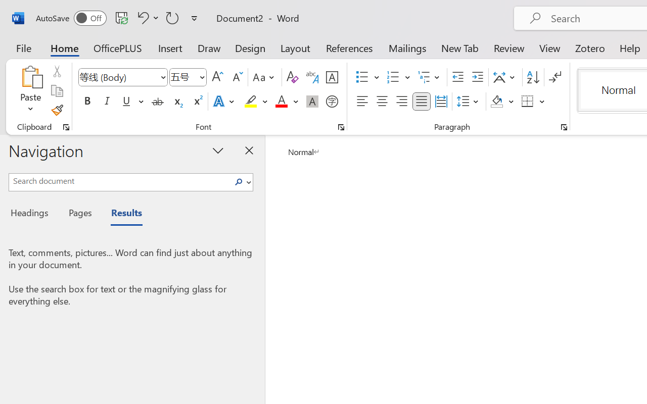 The height and width of the screenshot is (404, 647). Describe the element at coordinates (382, 102) in the screenshot. I see `'Center'` at that location.